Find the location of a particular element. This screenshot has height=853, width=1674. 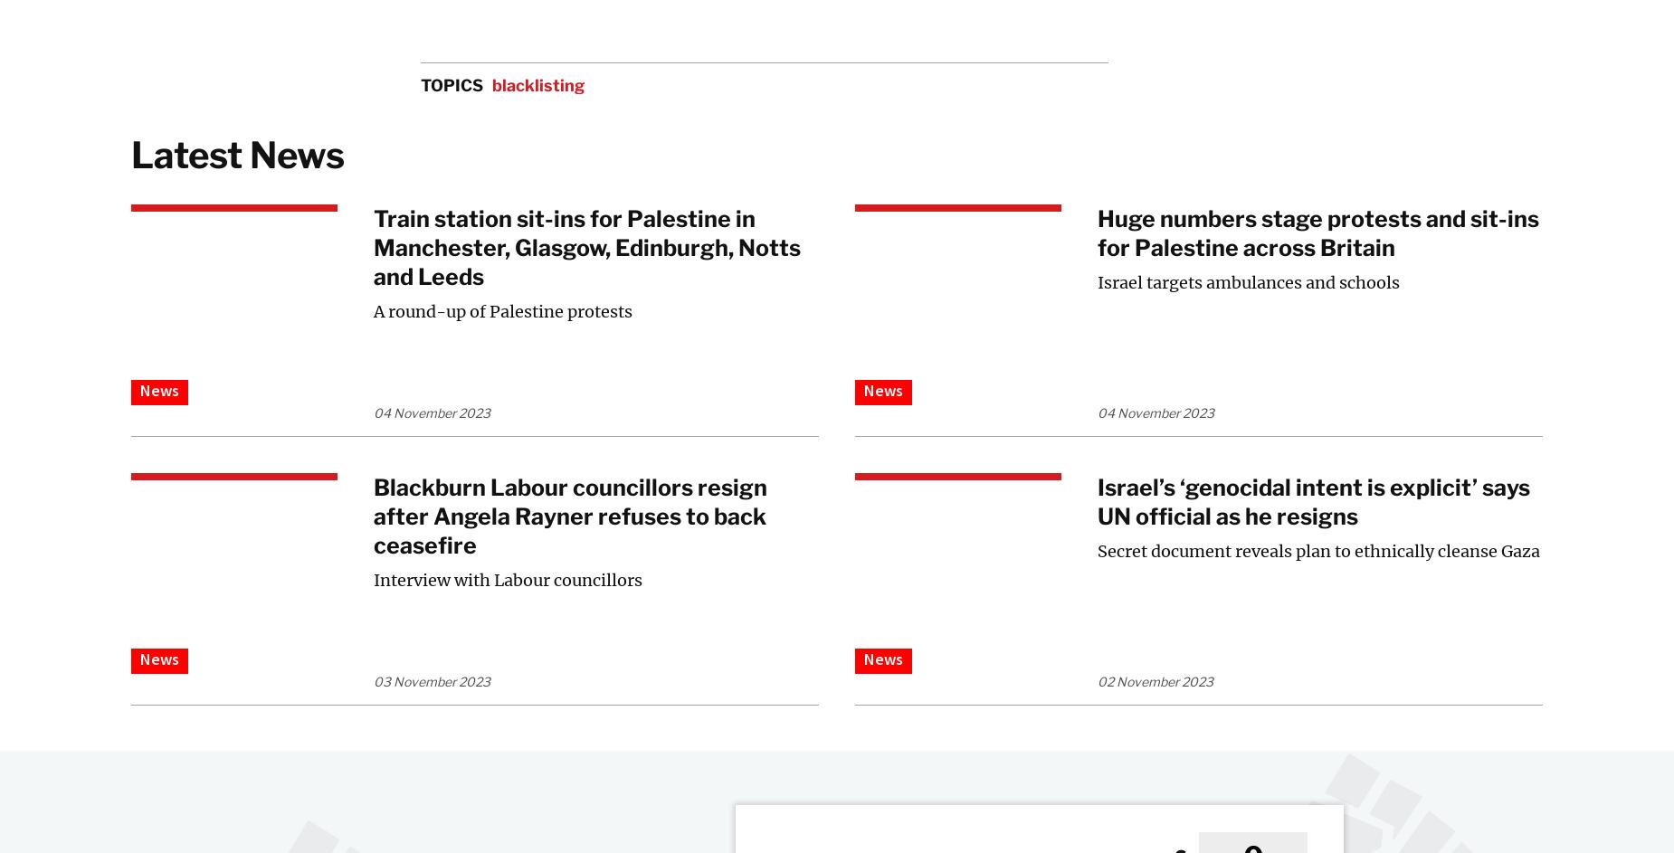

'03 November 2023' is located at coordinates (432, 681).